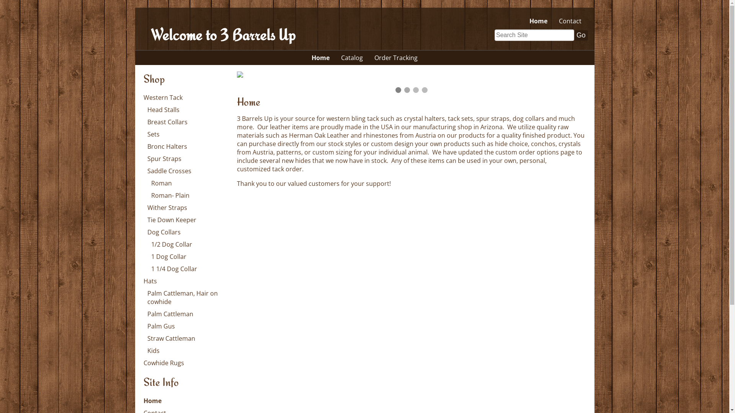  I want to click on 'Kids', so click(153, 351).